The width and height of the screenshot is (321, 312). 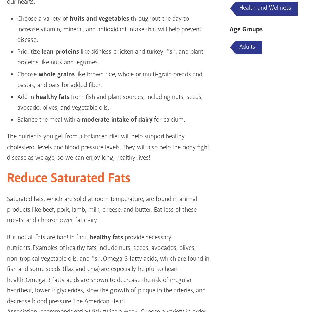 I want to click on 'Age Groups', so click(x=246, y=29).